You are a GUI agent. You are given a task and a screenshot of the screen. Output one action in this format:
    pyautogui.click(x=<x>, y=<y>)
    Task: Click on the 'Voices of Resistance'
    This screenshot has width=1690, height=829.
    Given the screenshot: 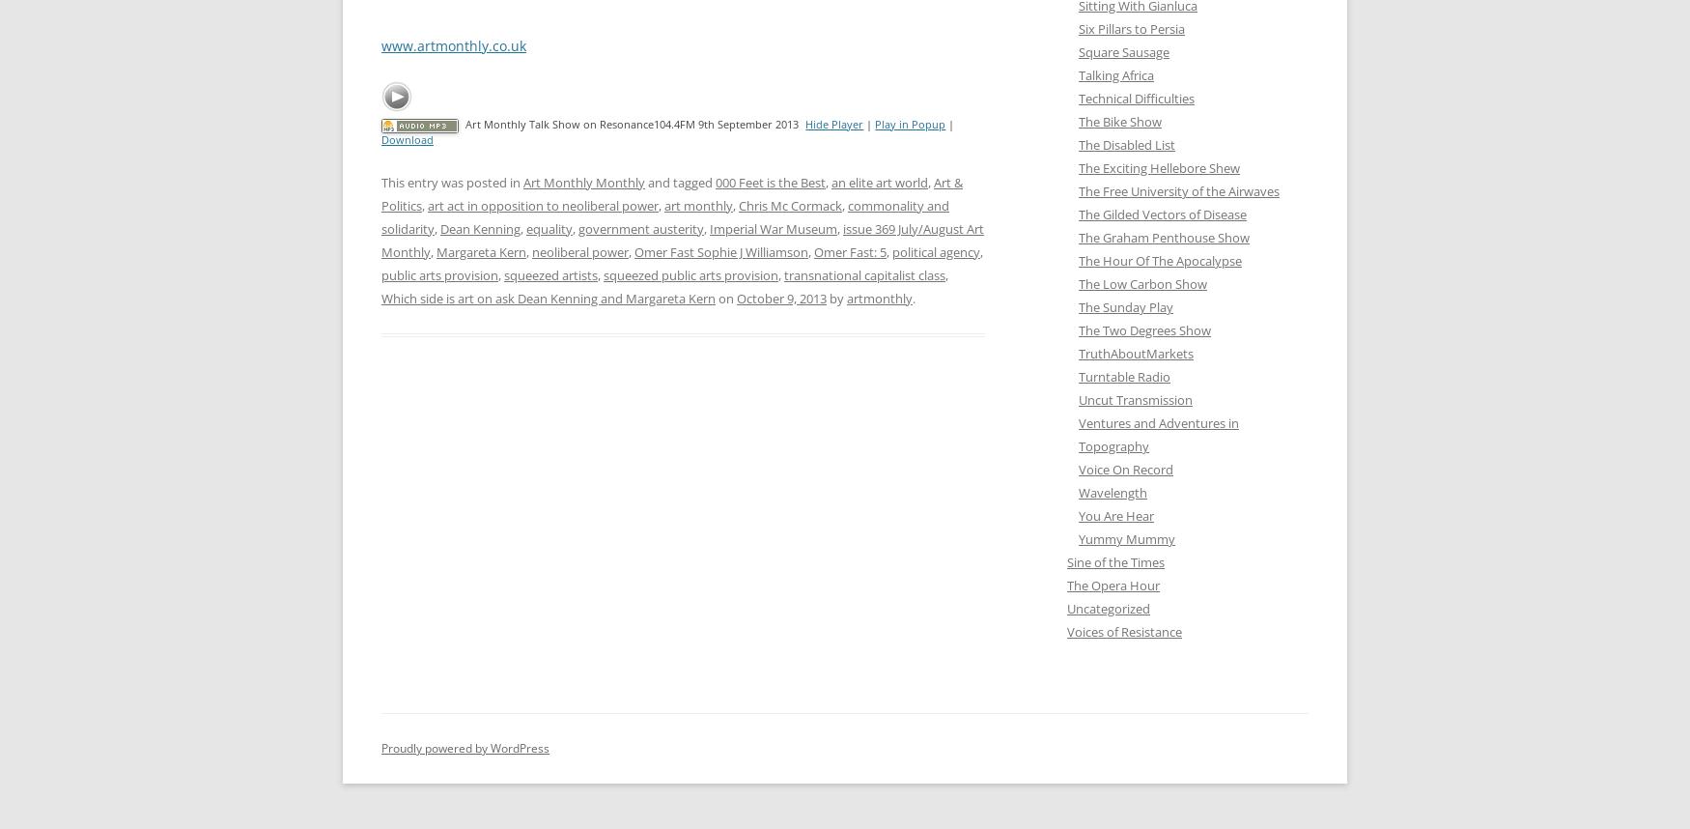 What is the action you would take?
    pyautogui.click(x=1123, y=630)
    